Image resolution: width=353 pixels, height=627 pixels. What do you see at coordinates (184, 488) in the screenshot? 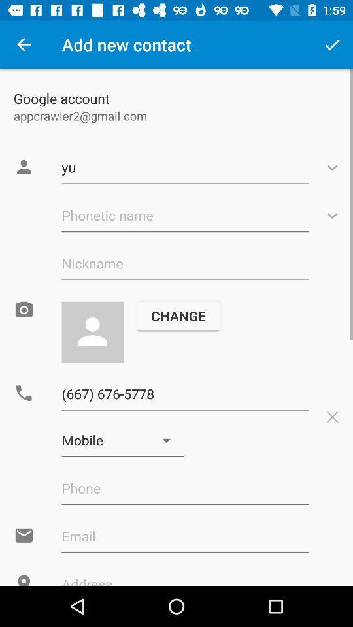
I see `the entry bar phone below mobile` at bounding box center [184, 488].